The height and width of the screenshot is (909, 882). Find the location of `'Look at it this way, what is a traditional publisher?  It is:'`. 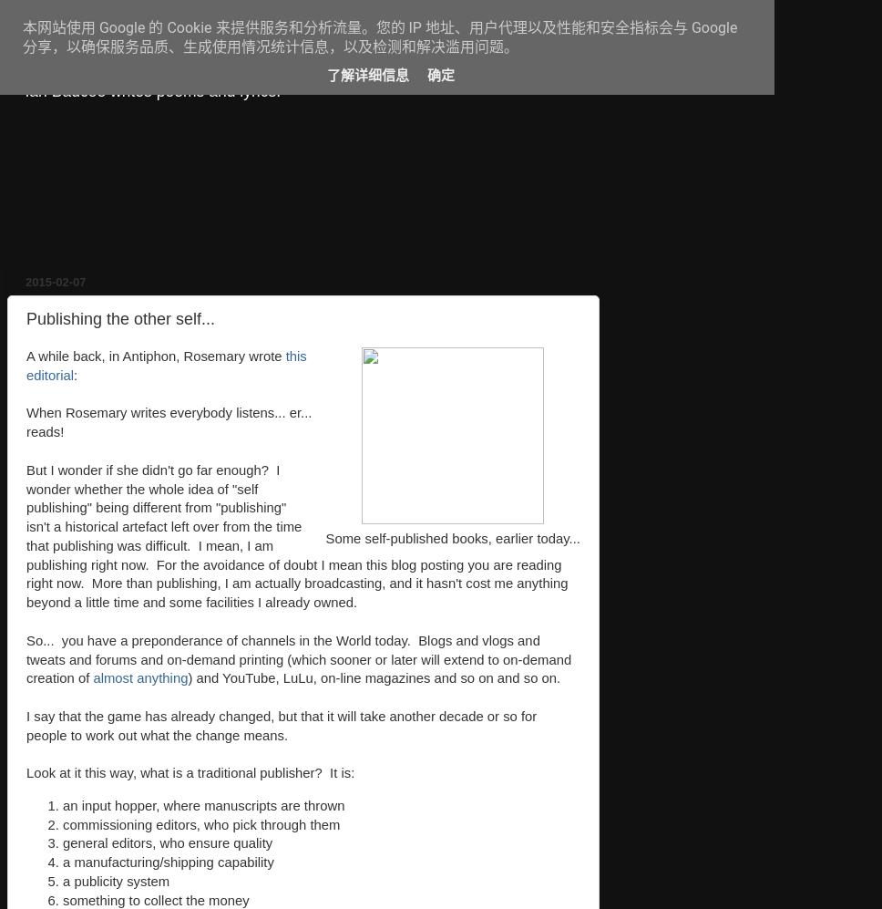

'Look at it this way, what is a traditional publisher?  It is:' is located at coordinates (189, 773).